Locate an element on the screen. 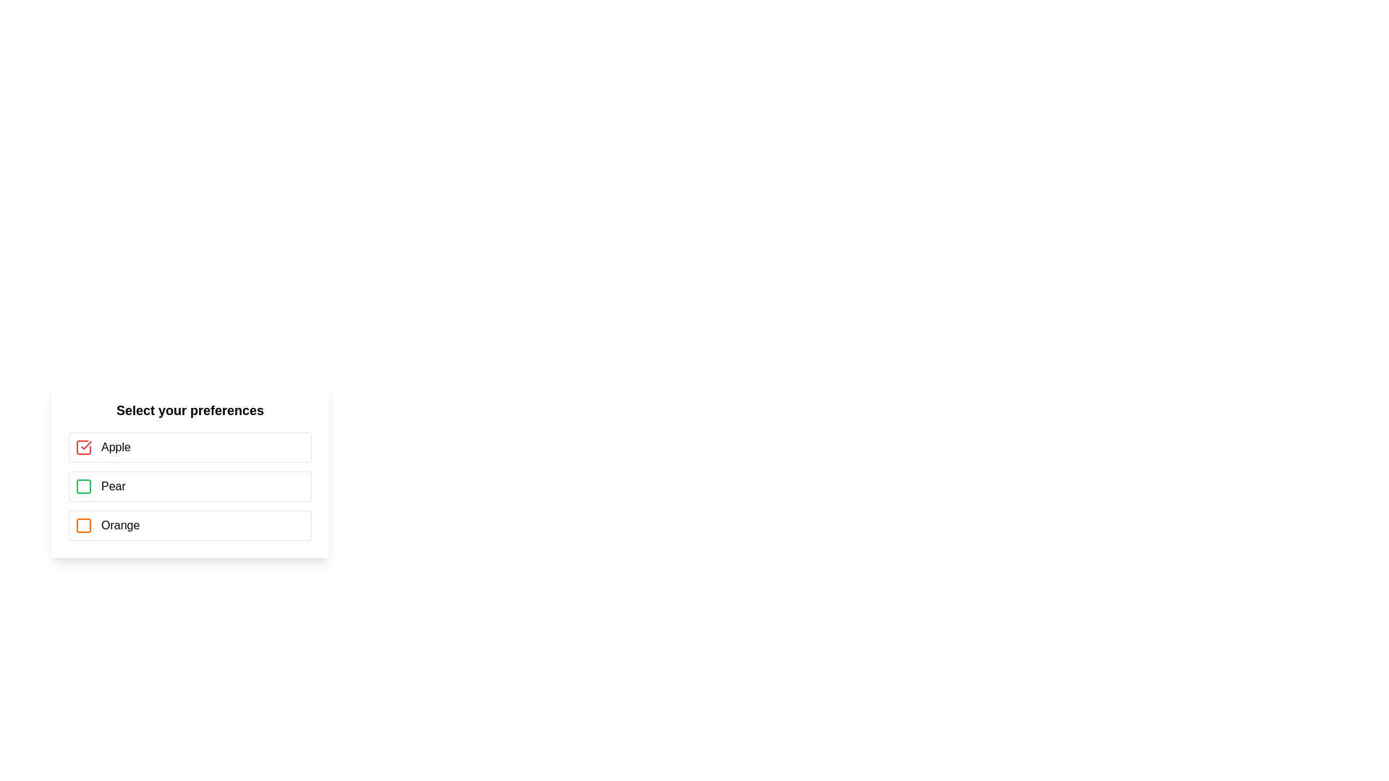  the checkbox associated with the text 'Pear' is located at coordinates (82, 486).